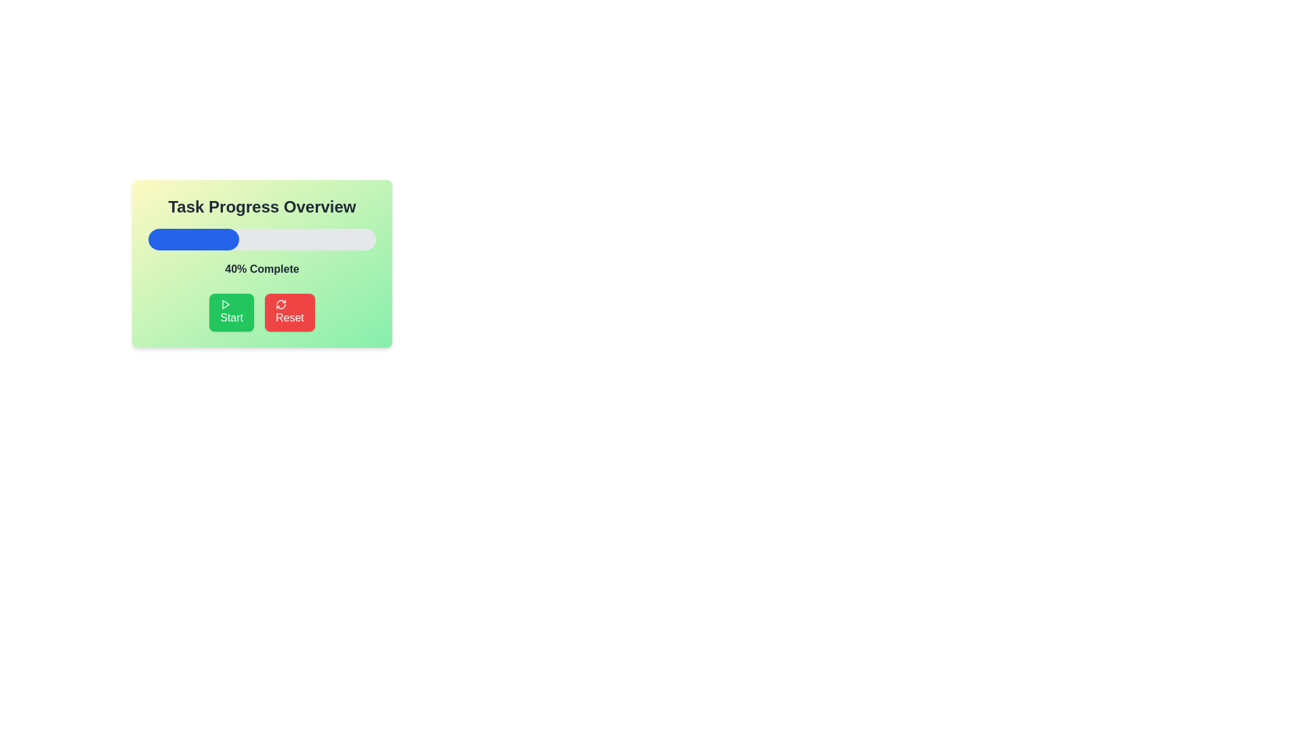  I want to click on the Progress Indicator that visually communicates 40% completion of a task within the 'Task Progress Overview' section, so click(193, 239).